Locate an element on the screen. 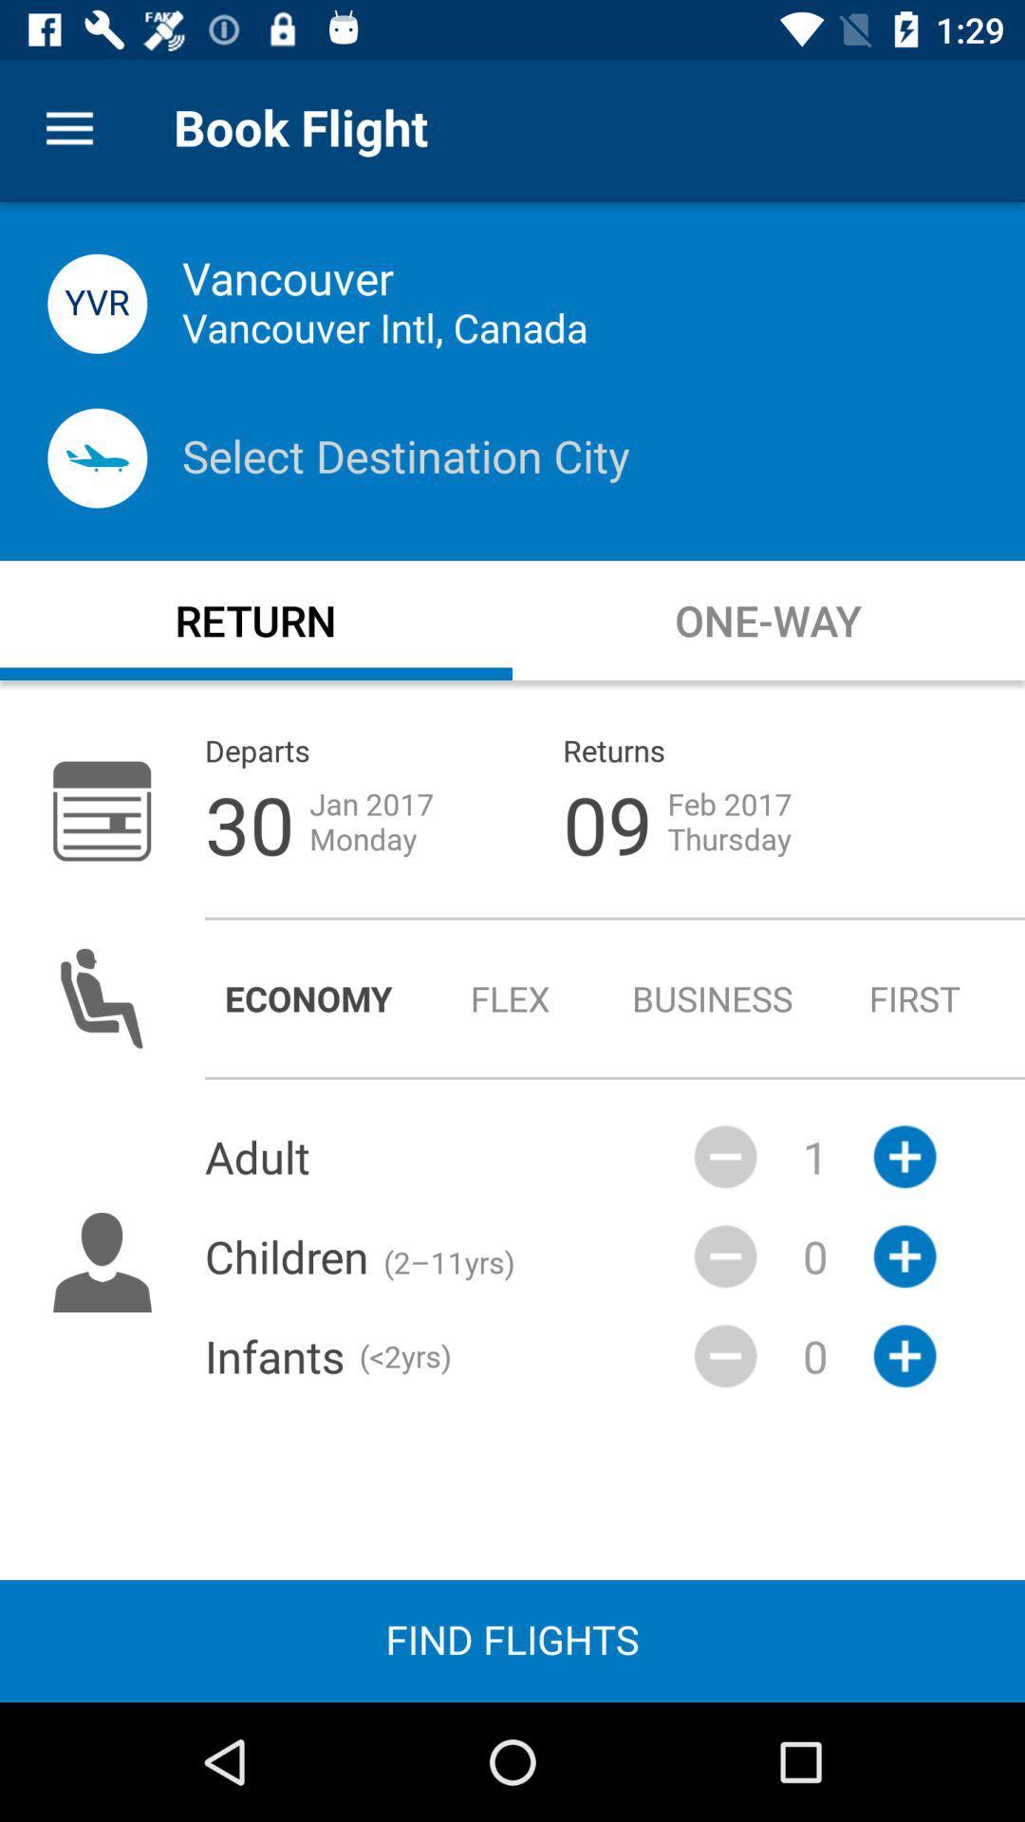 This screenshot has height=1822, width=1025. the add icon is located at coordinates (904, 1156).